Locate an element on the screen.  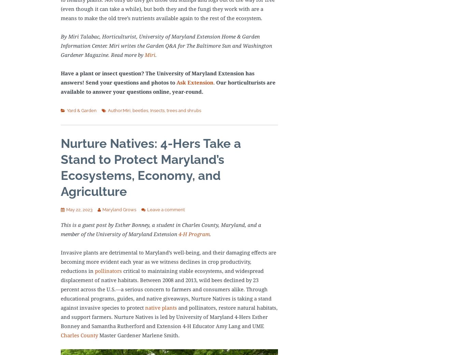
'This is a guest post by Esther Bonney, a student in Charles County, Maryland, and a member of the University of Maryland Extension' is located at coordinates (160, 229).